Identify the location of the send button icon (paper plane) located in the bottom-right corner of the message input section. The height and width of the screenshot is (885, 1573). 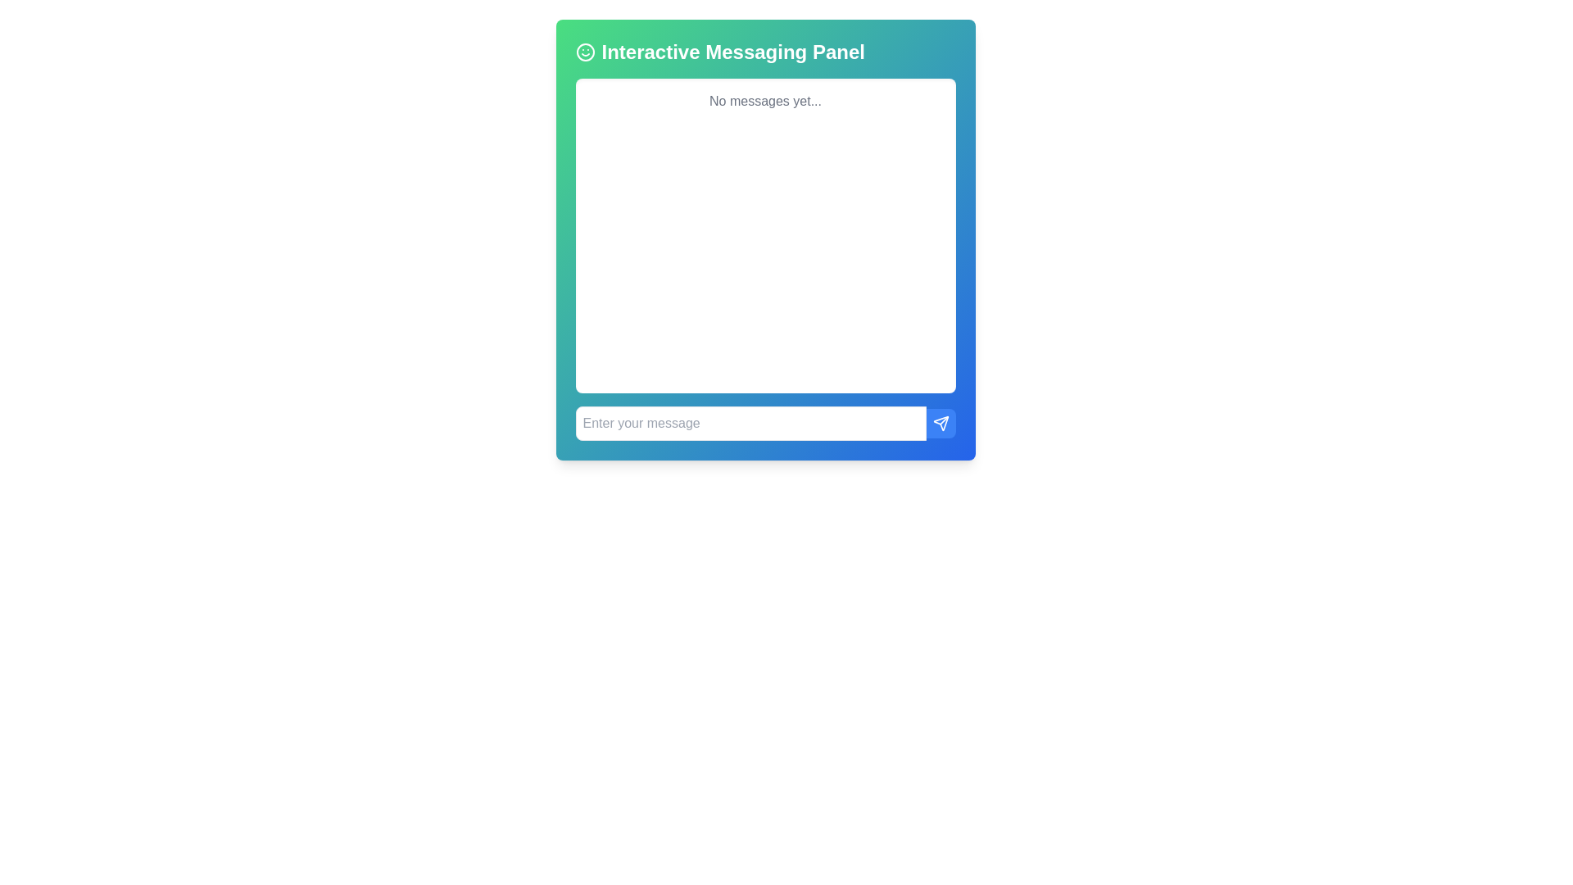
(941, 422).